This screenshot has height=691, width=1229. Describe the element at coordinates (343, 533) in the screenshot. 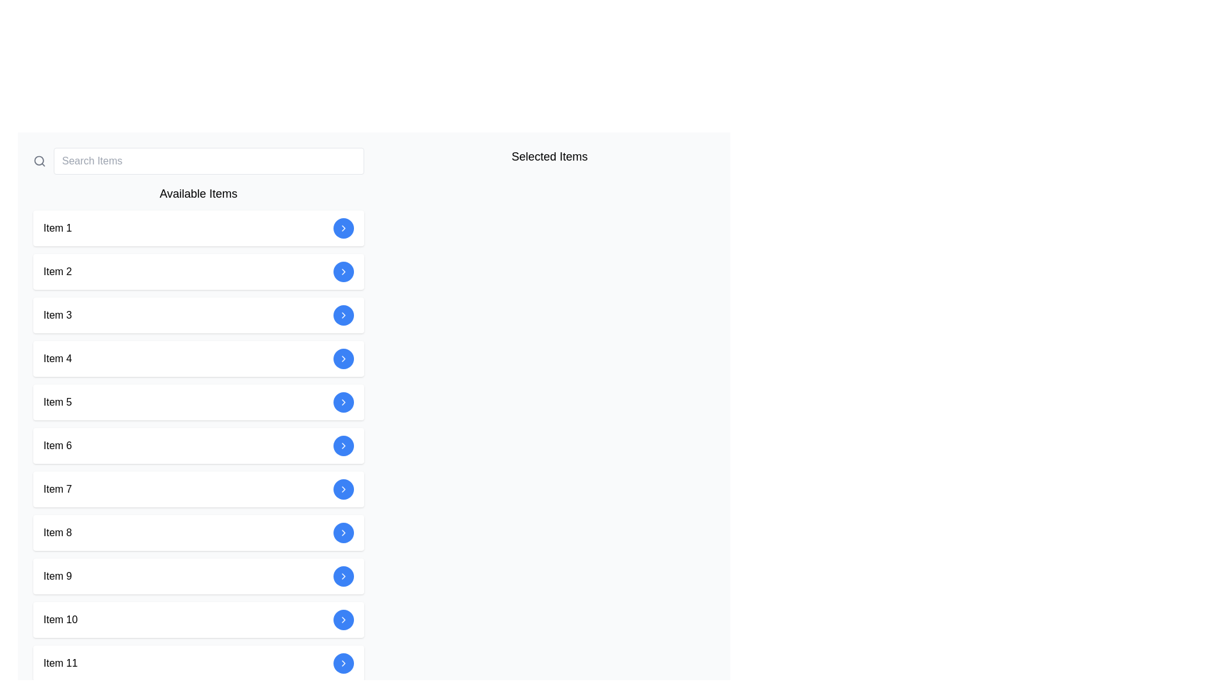

I see `the right-pointing arrow icon within the blue circular button located at the far right of the row labeled 'Item 8'` at that location.